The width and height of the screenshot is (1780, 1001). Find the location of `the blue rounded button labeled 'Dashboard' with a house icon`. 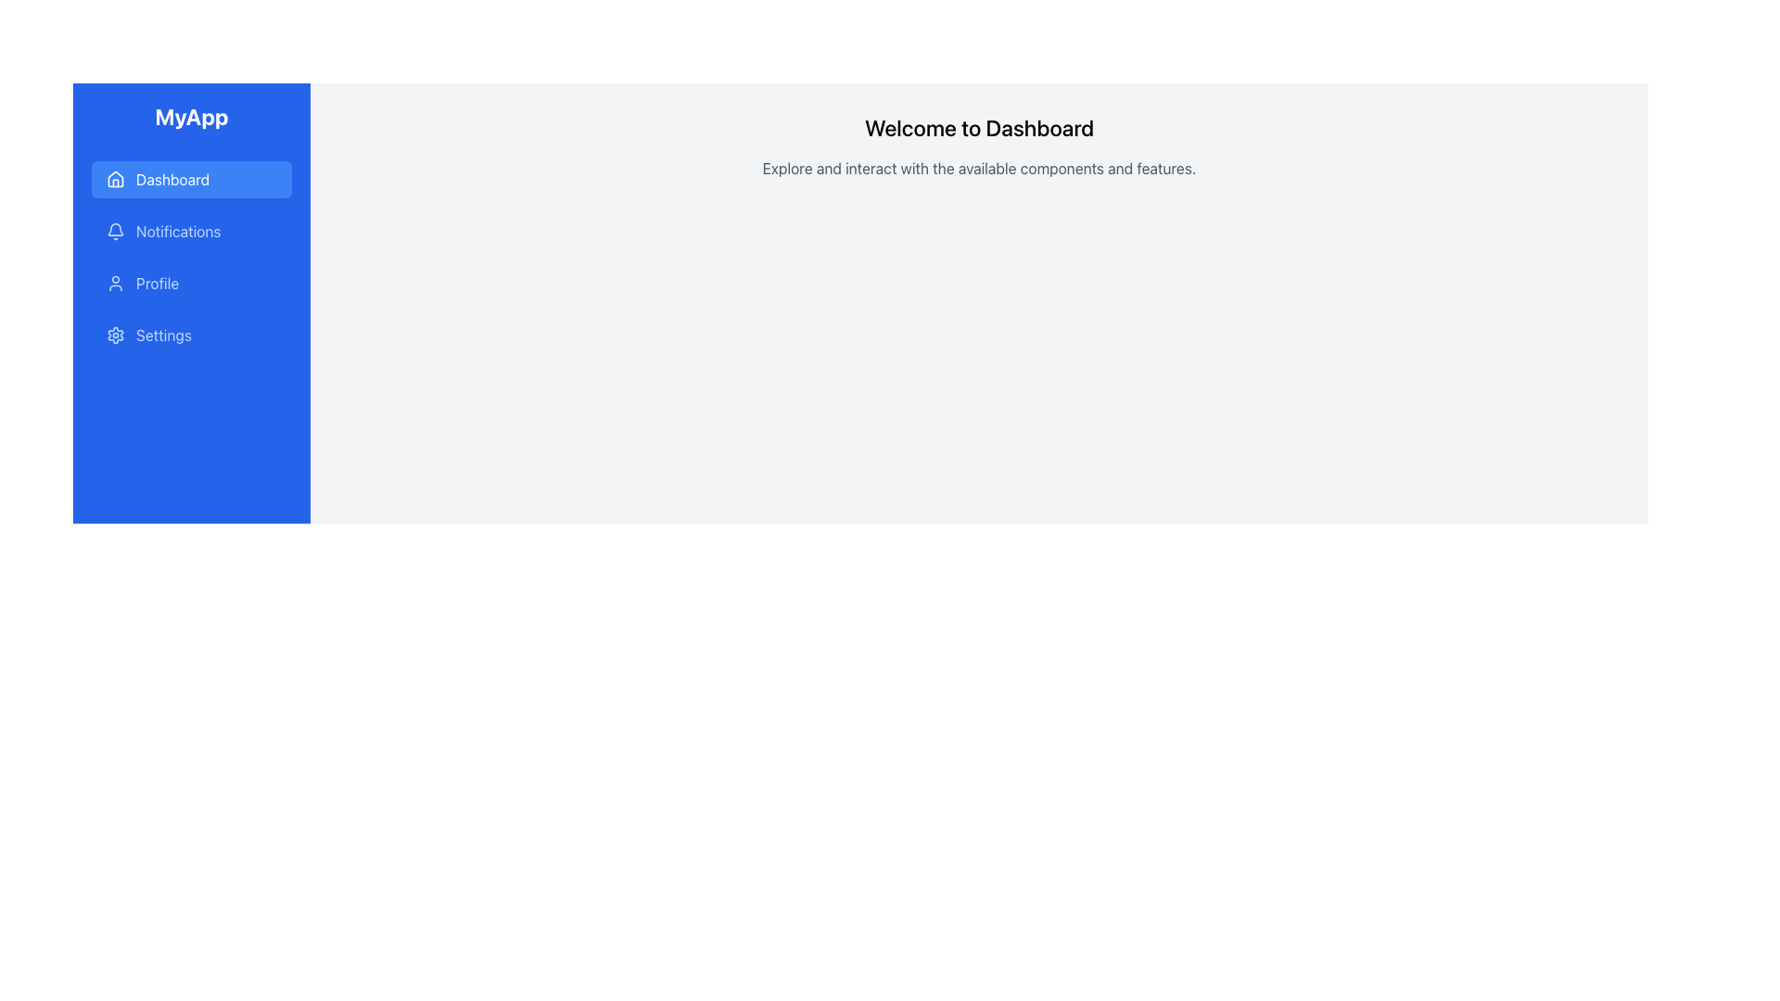

the blue rounded button labeled 'Dashboard' with a house icon is located at coordinates (191, 179).